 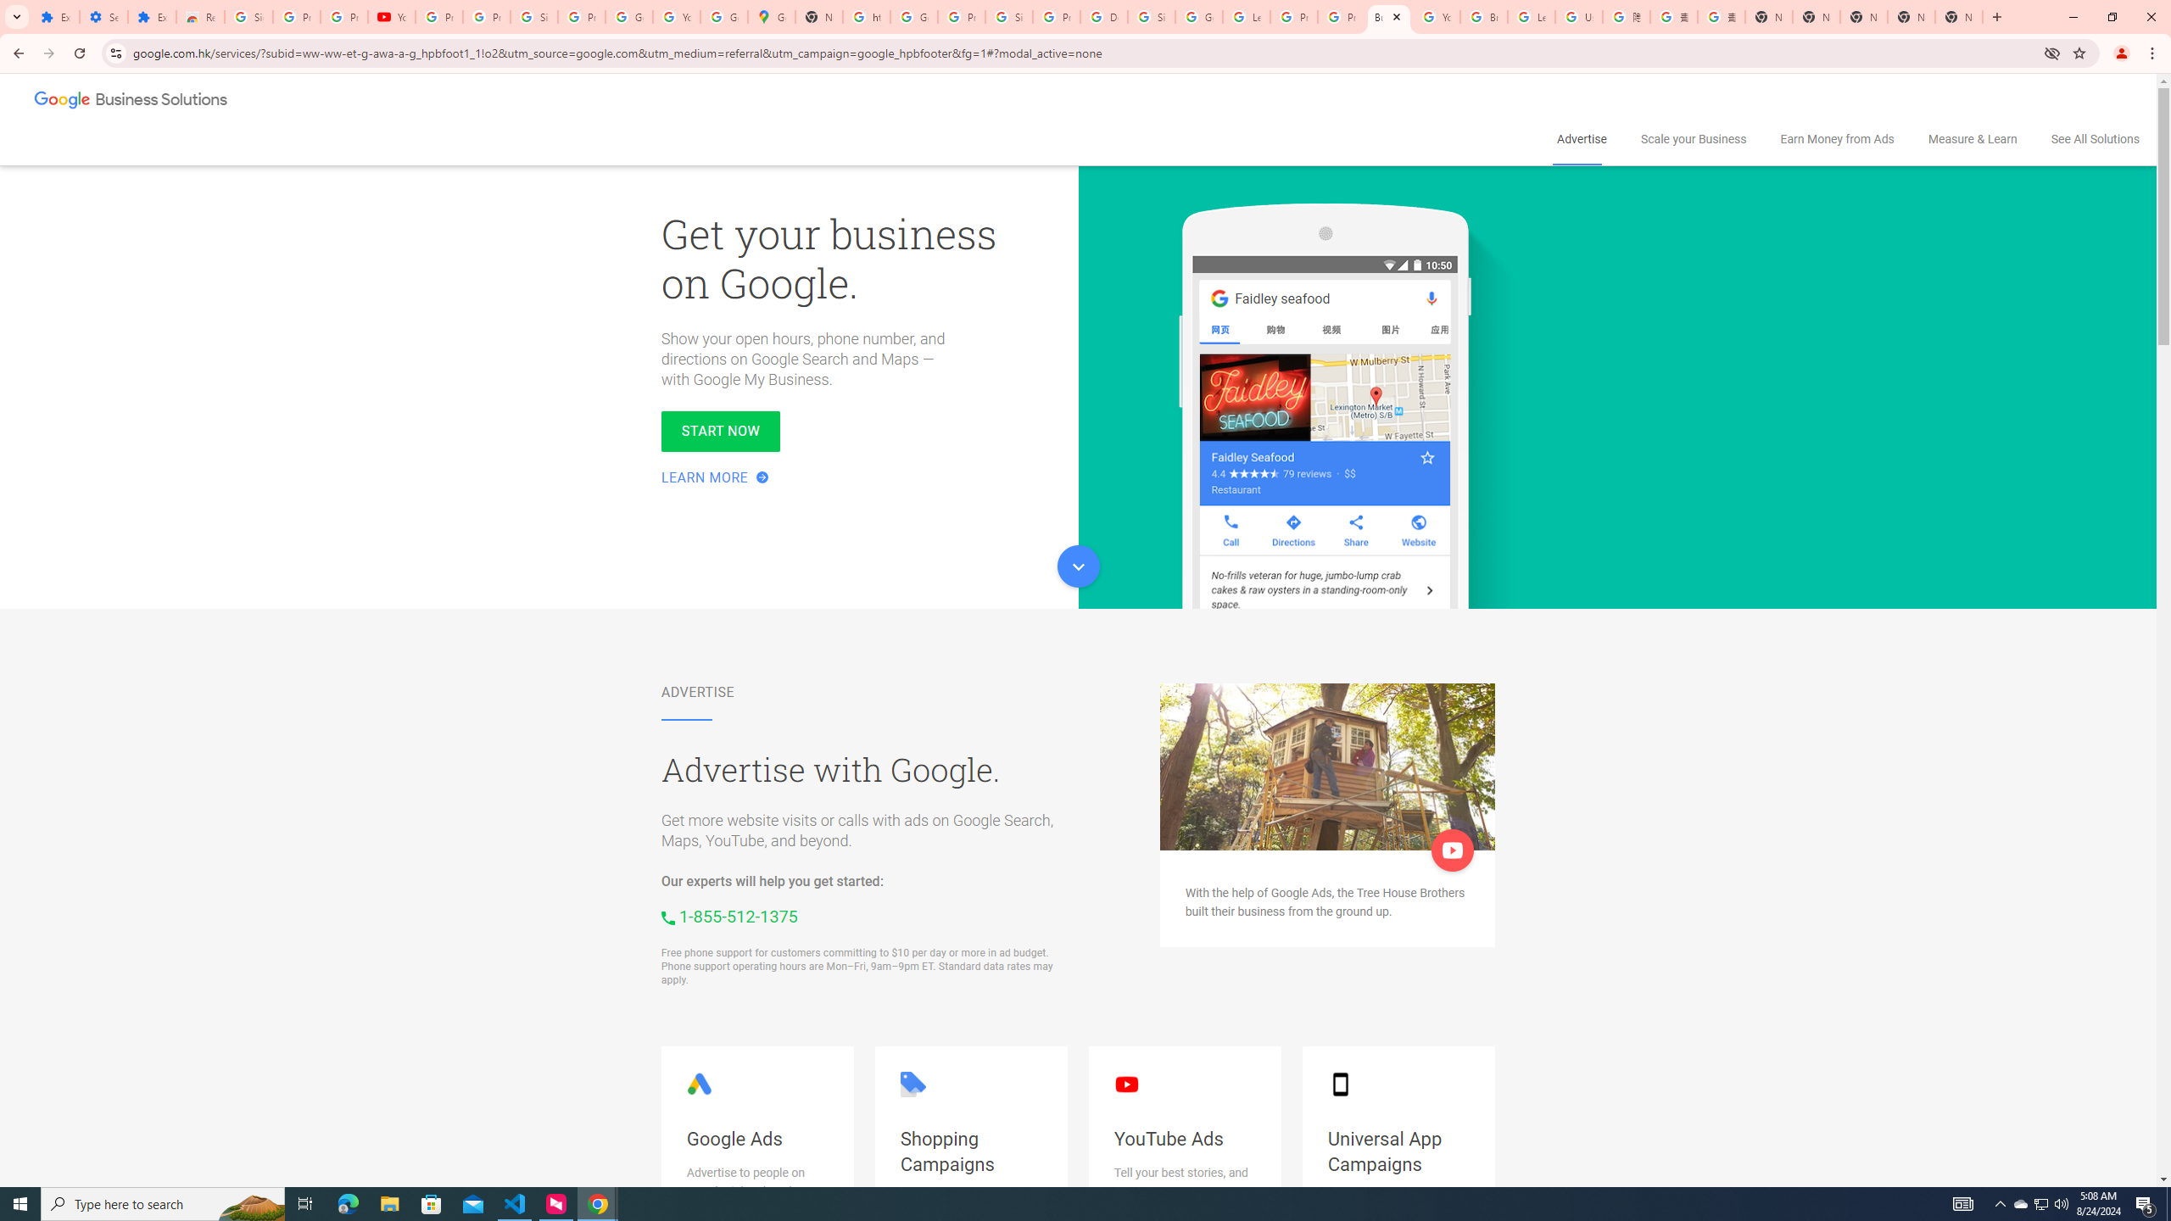 I want to click on 'YouTube logo', so click(x=1126, y=1084).